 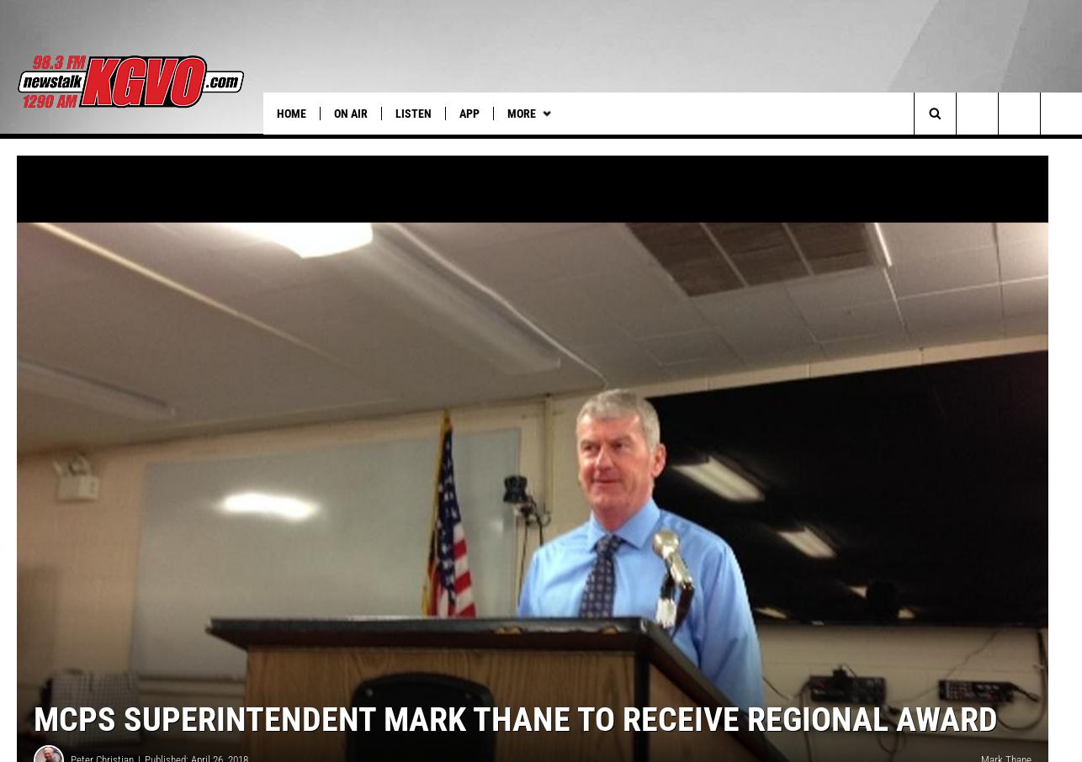 What do you see at coordinates (290, 112) in the screenshot?
I see `'Home'` at bounding box center [290, 112].